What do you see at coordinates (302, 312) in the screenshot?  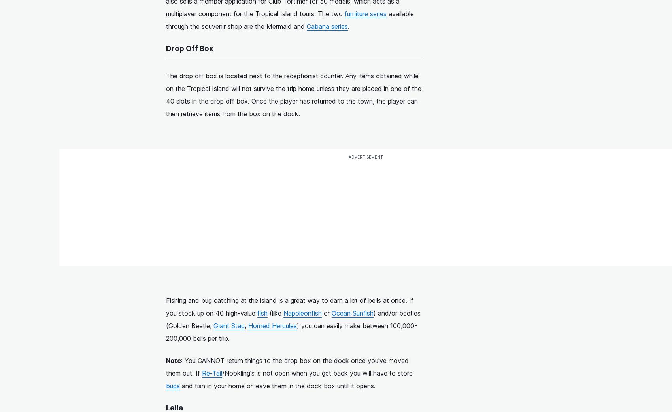 I see `'Napoleonfish'` at bounding box center [302, 312].